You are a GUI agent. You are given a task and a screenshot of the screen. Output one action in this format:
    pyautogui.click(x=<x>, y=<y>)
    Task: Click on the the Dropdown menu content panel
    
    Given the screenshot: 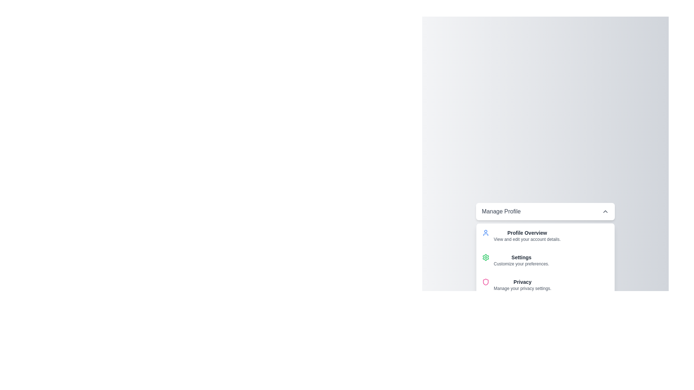 What is the action you would take?
    pyautogui.click(x=545, y=260)
    